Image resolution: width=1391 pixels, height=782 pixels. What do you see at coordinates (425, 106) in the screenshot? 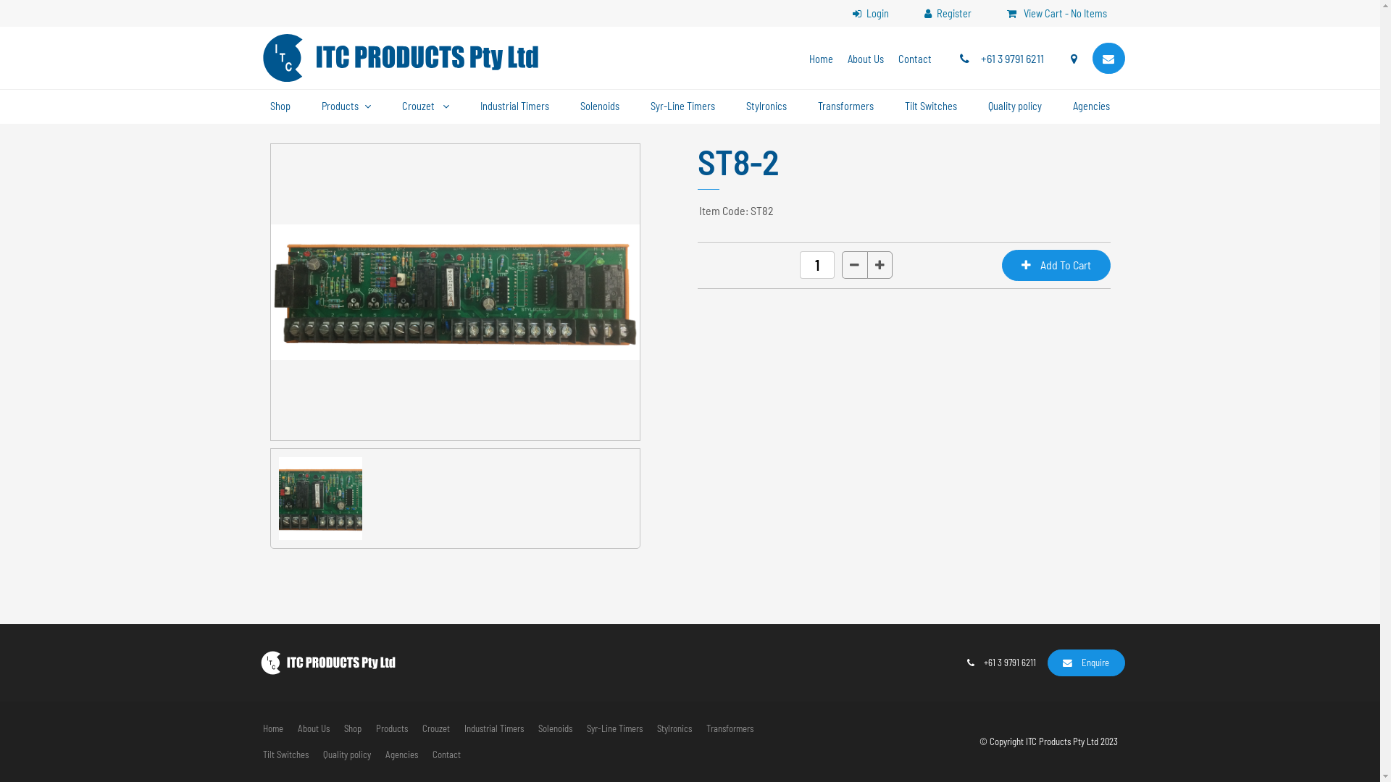
I see `'Crouzet'` at bounding box center [425, 106].